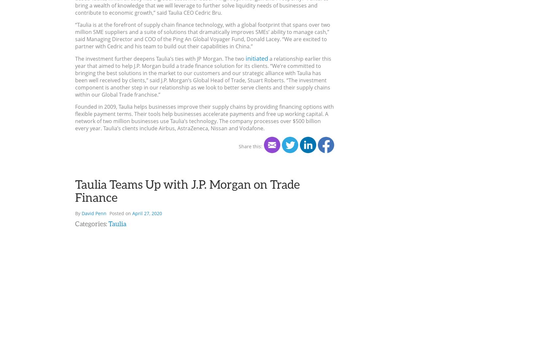 This screenshot has width=539, height=350. What do you see at coordinates (202, 36) in the screenshot?
I see `'“Taulia is at the forefront of supply chain finance technology, with a global footprint that spans over two million SME suppliers and a suite of solutions that dramatically improves SMEs’ ability to manage cash,” said Managing Director and COO of the Ping An Global Voyager Fund, Donald Lacey. “We are excited to partner with Cedric and his team to build out their capabilities in China.”'` at bounding box center [202, 36].